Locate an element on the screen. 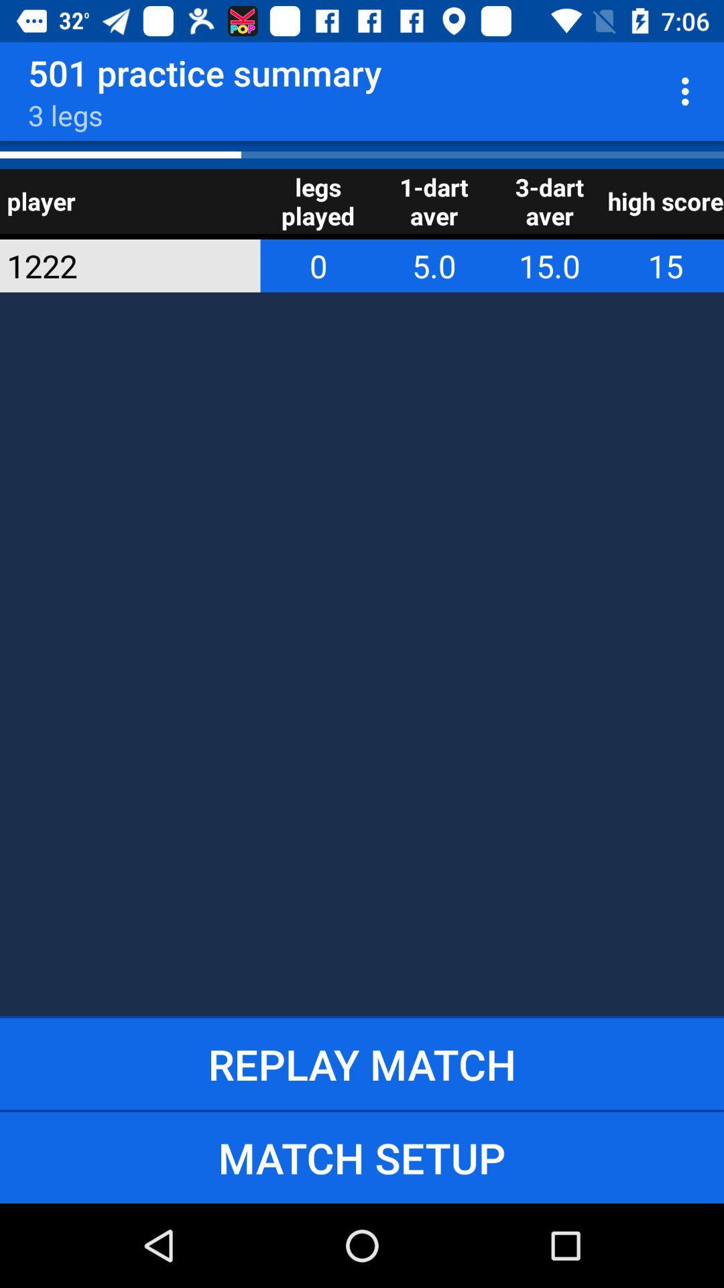  the button below replay match icon is located at coordinates (362, 1157).